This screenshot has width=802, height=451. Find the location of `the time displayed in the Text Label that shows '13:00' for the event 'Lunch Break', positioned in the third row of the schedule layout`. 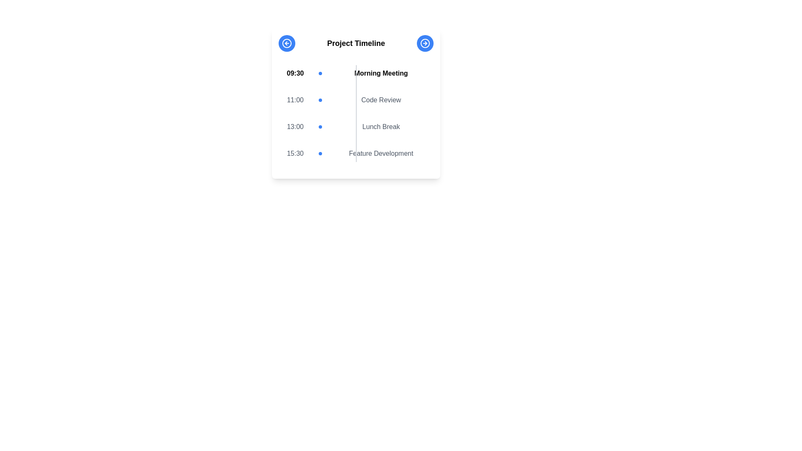

the time displayed in the Text Label that shows '13:00' for the event 'Lunch Break', positioned in the third row of the schedule layout is located at coordinates (295, 127).